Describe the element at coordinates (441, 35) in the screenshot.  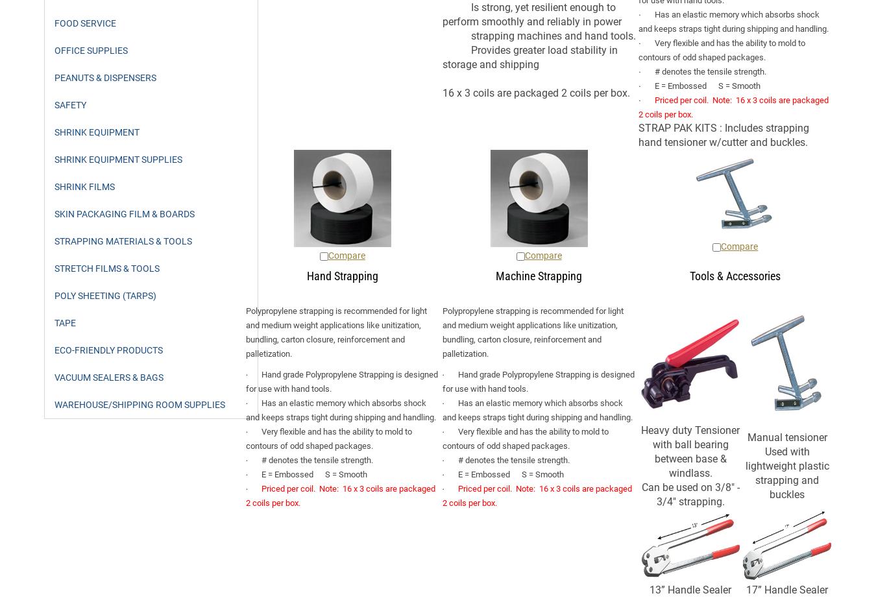
I see `'strapping machines and hand tools.'` at that location.